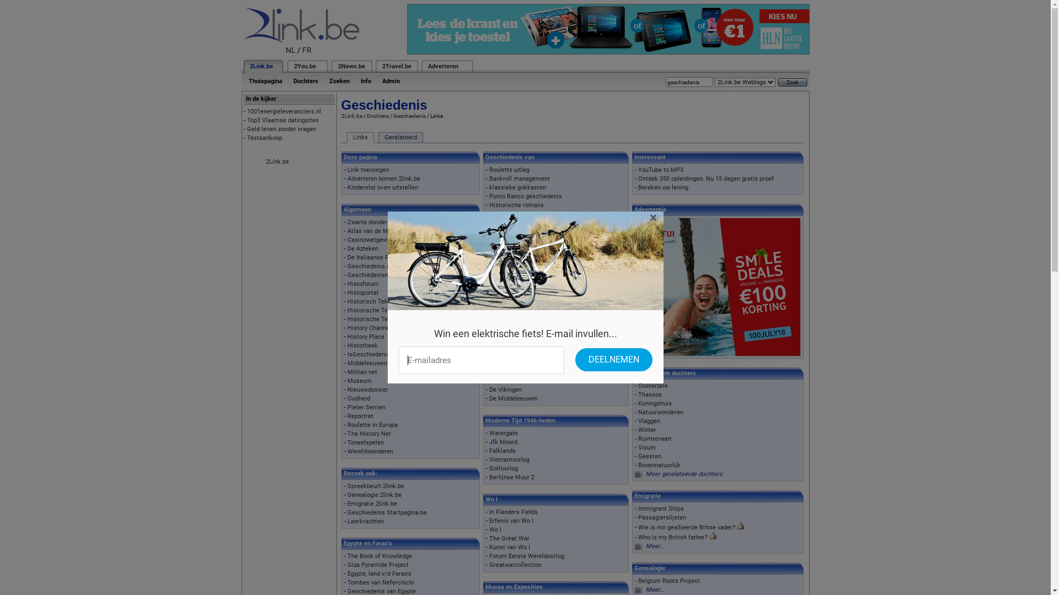 The width and height of the screenshot is (1059, 595). Describe the element at coordinates (377, 363) in the screenshot. I see `'Middeleeuwen Artikel'` at that location.